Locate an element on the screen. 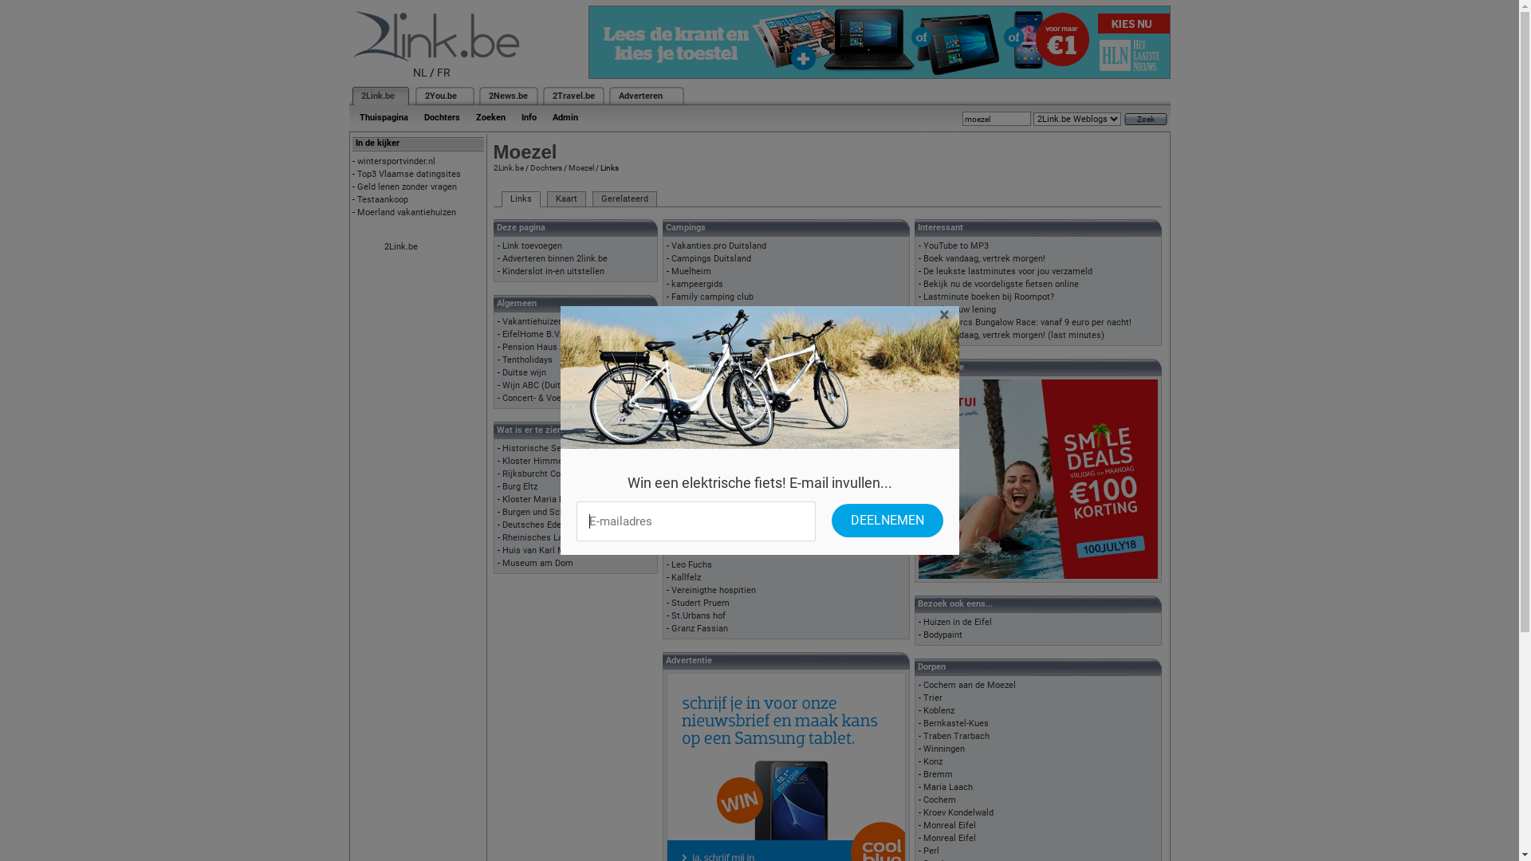  'Zoeken' is located at coordinates (489, 116).